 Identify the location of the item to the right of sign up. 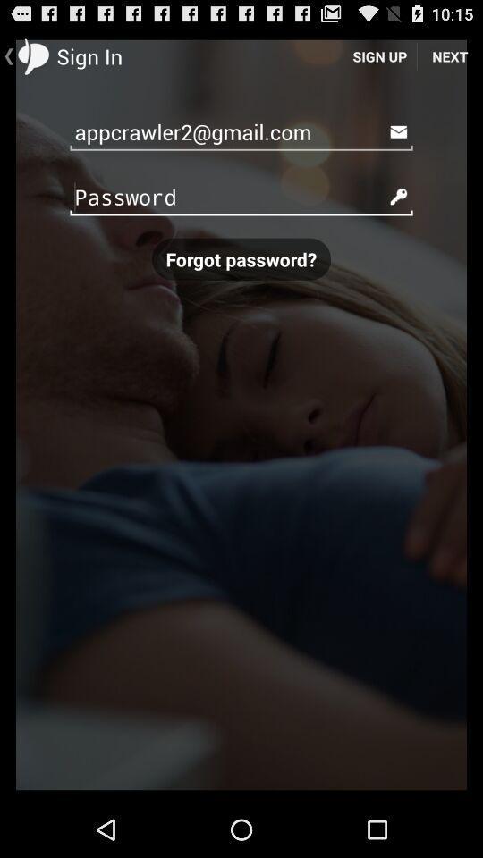
(449, 55).